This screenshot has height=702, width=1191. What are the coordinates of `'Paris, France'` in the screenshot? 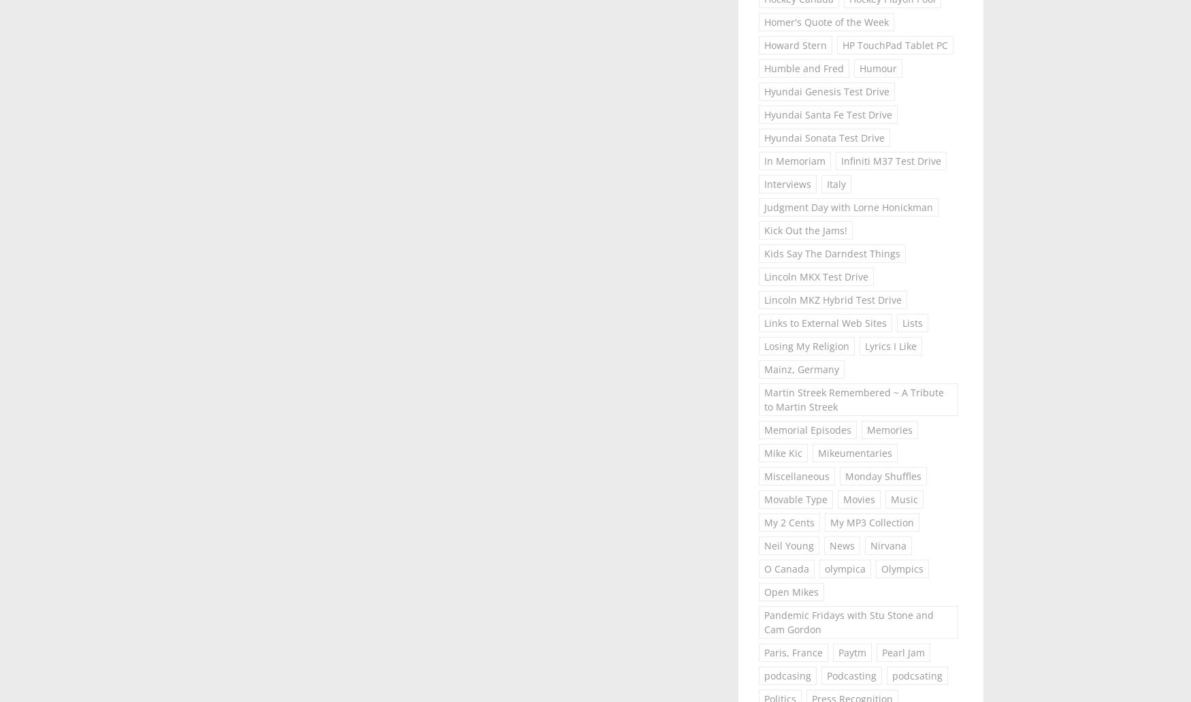 It's located at (793, 651).